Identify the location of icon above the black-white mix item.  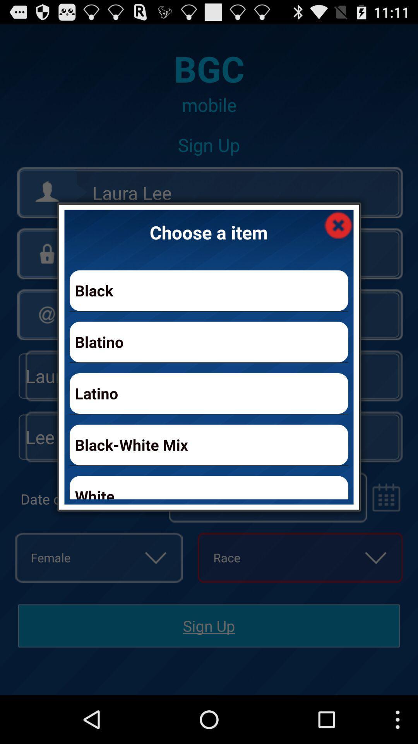
(209, 393).